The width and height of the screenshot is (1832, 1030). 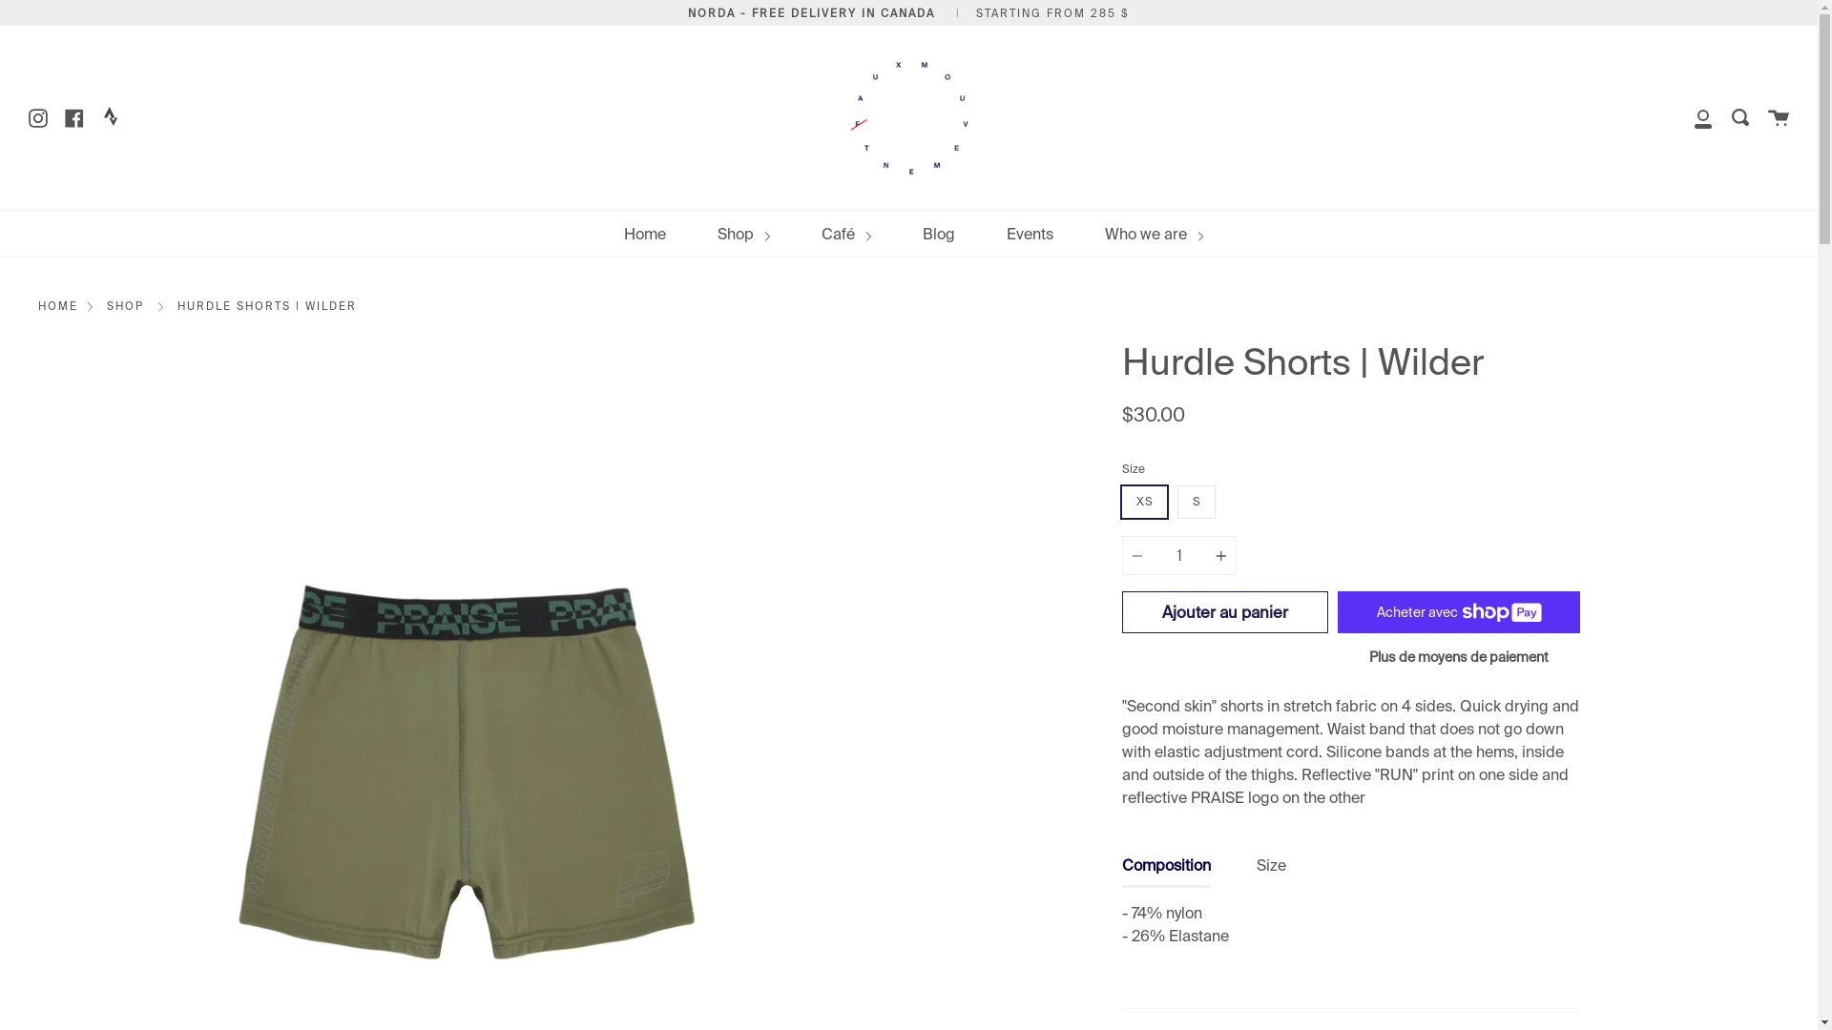 What do you see at coordinates (906, 13) in the screenshot?
I see `'NORDA - FREE DELIVERY IN CANADA | STARTING FROM 285 $'` at bounding box center [906, 13].